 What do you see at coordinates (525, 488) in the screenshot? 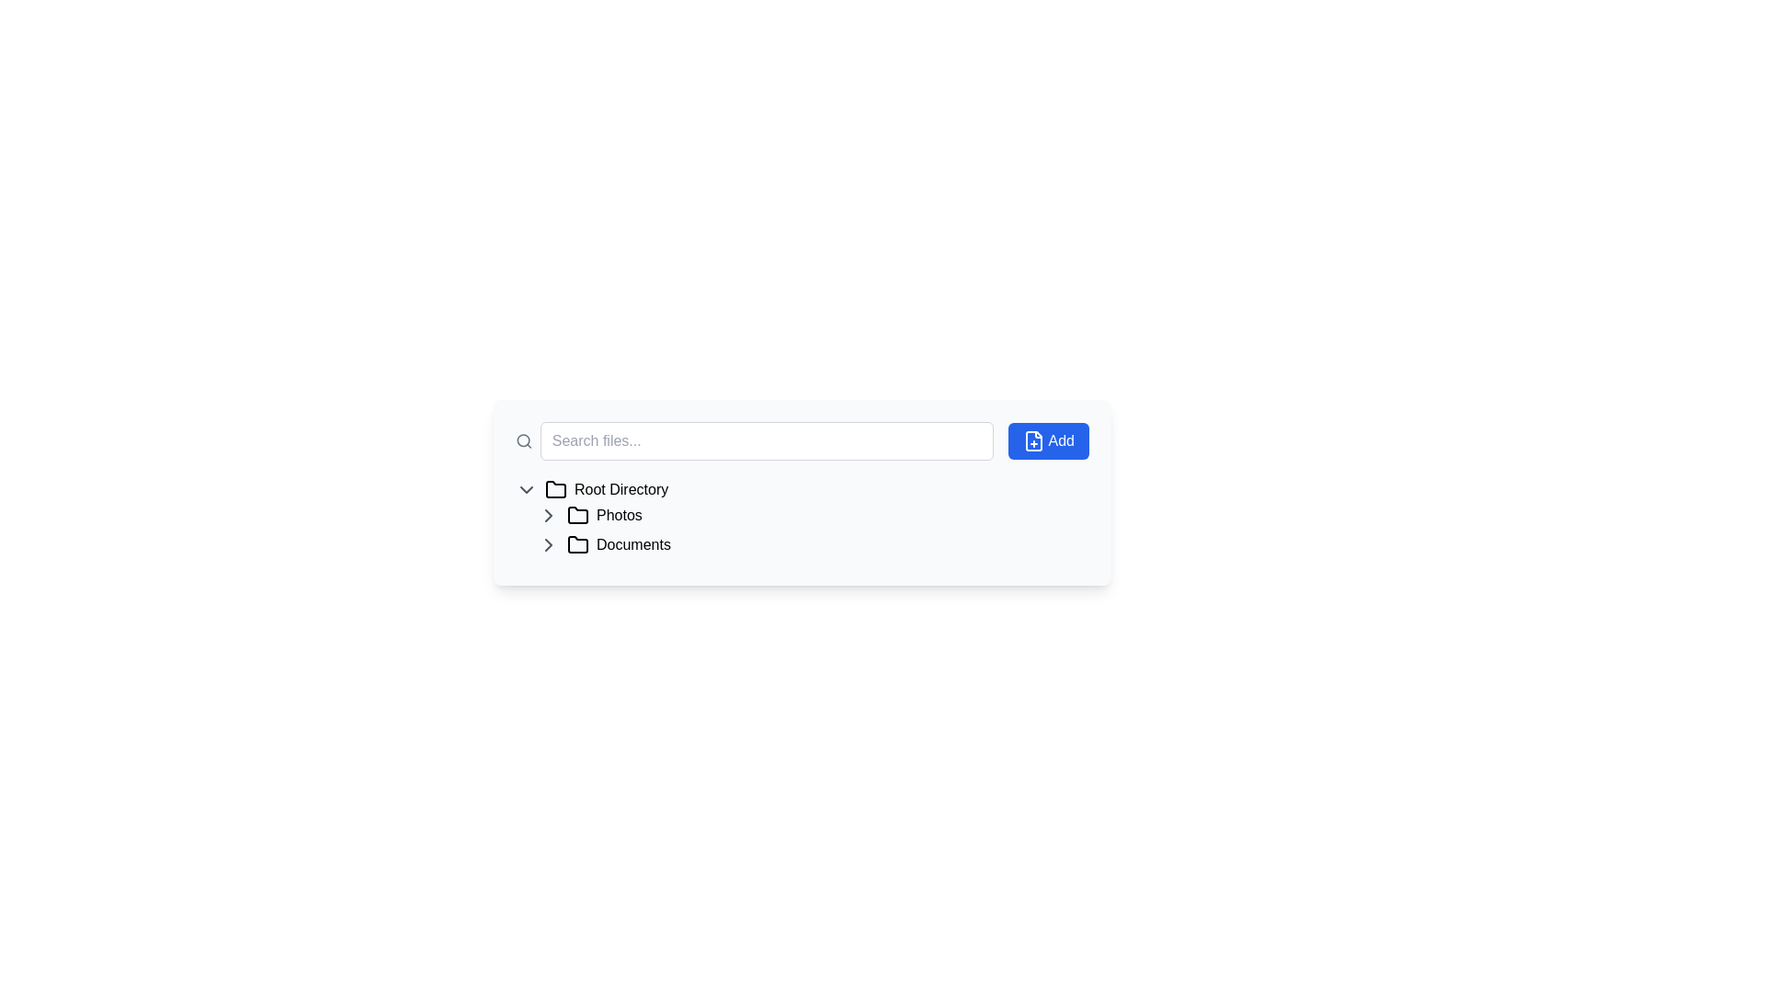
I see `the Dropdown toggle icon located at the far left of the 'Root Directory' row` at bounding box center [525, 488].